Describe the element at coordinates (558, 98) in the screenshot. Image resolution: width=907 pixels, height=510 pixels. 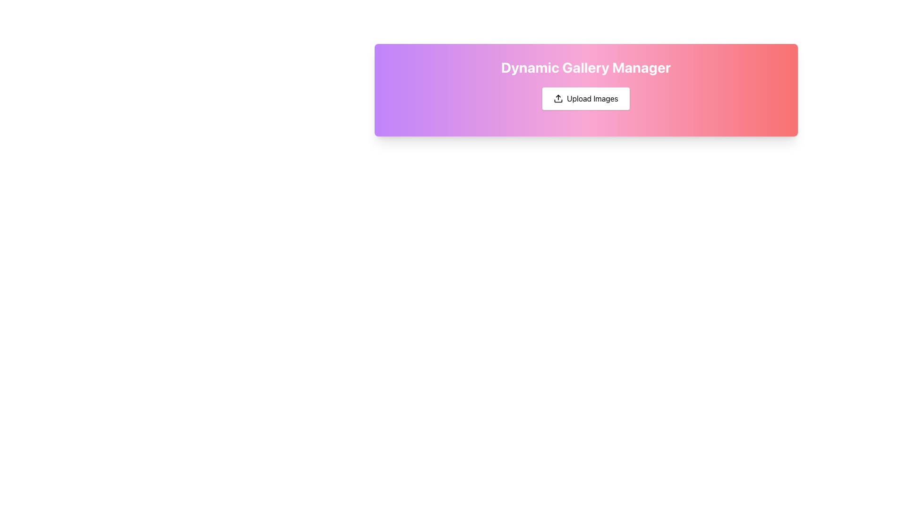
I see `the 'Upload' icon located on the left side of the 'Upload Images' button within the central panel of the gradient background rectangle` at that location.